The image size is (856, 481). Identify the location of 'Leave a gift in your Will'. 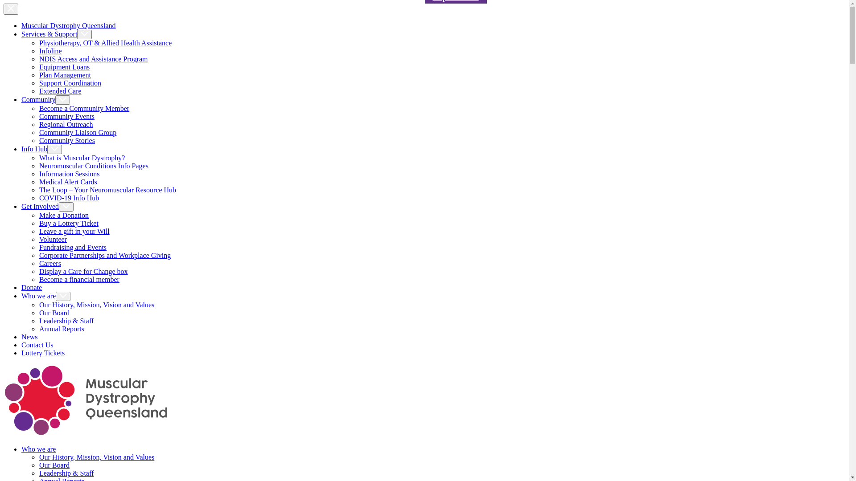
(74, 231).